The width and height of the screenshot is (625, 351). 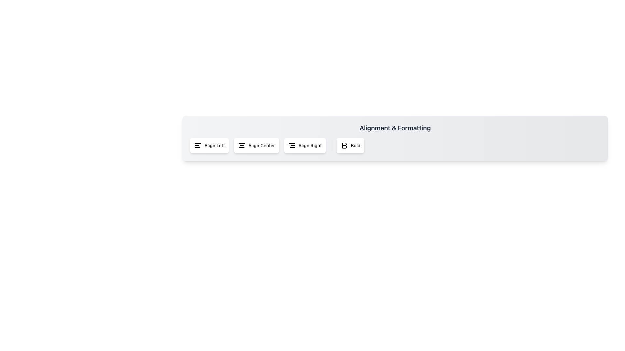 What do you see at coordinates (331, 145) in the screenshot?
I see `the Horizontal Line Separator, which visually separates the 'Align Right' and 'Bold' buttons in the toolbar` at bounding box center [331, 145].